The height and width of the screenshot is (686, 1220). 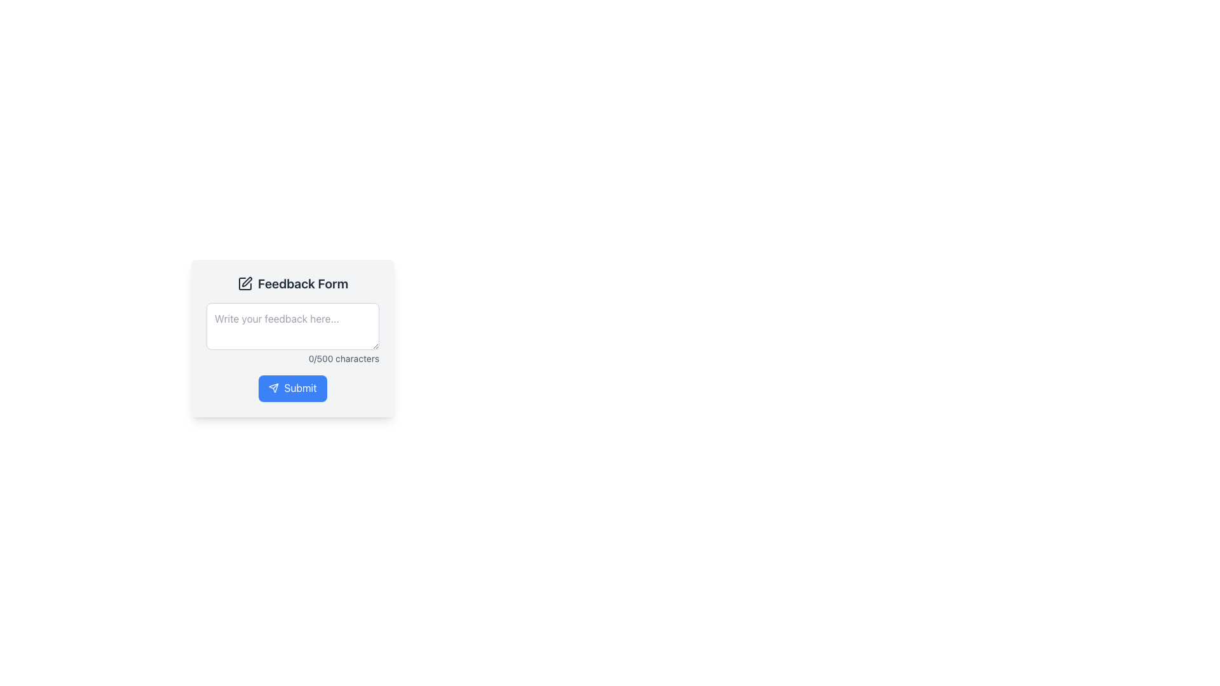 What do you see at coordinates (292, 387) in the screenshot?
I see `the 'Submit' button located at the bottom center of the form card interface` at bounding box center [292, 387].